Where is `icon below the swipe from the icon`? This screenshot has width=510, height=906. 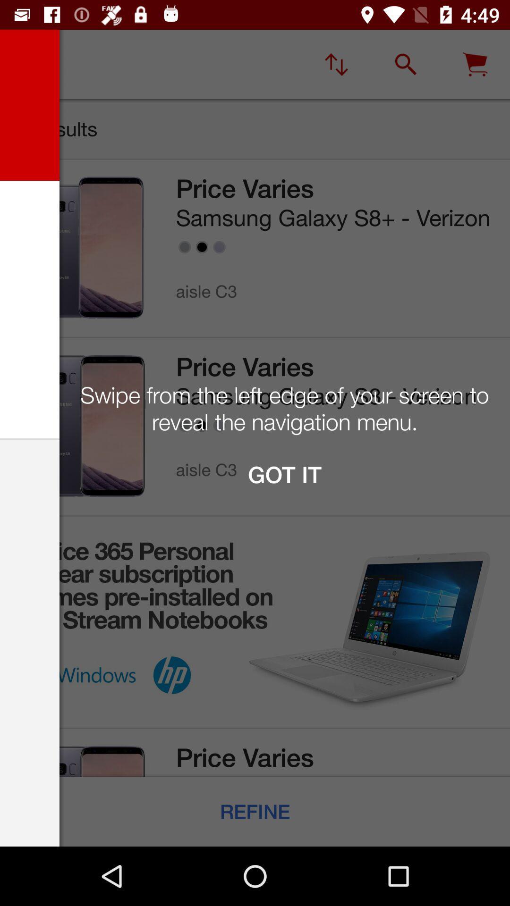 icon below the swipe from the icon is located at coordinates (284, 475).